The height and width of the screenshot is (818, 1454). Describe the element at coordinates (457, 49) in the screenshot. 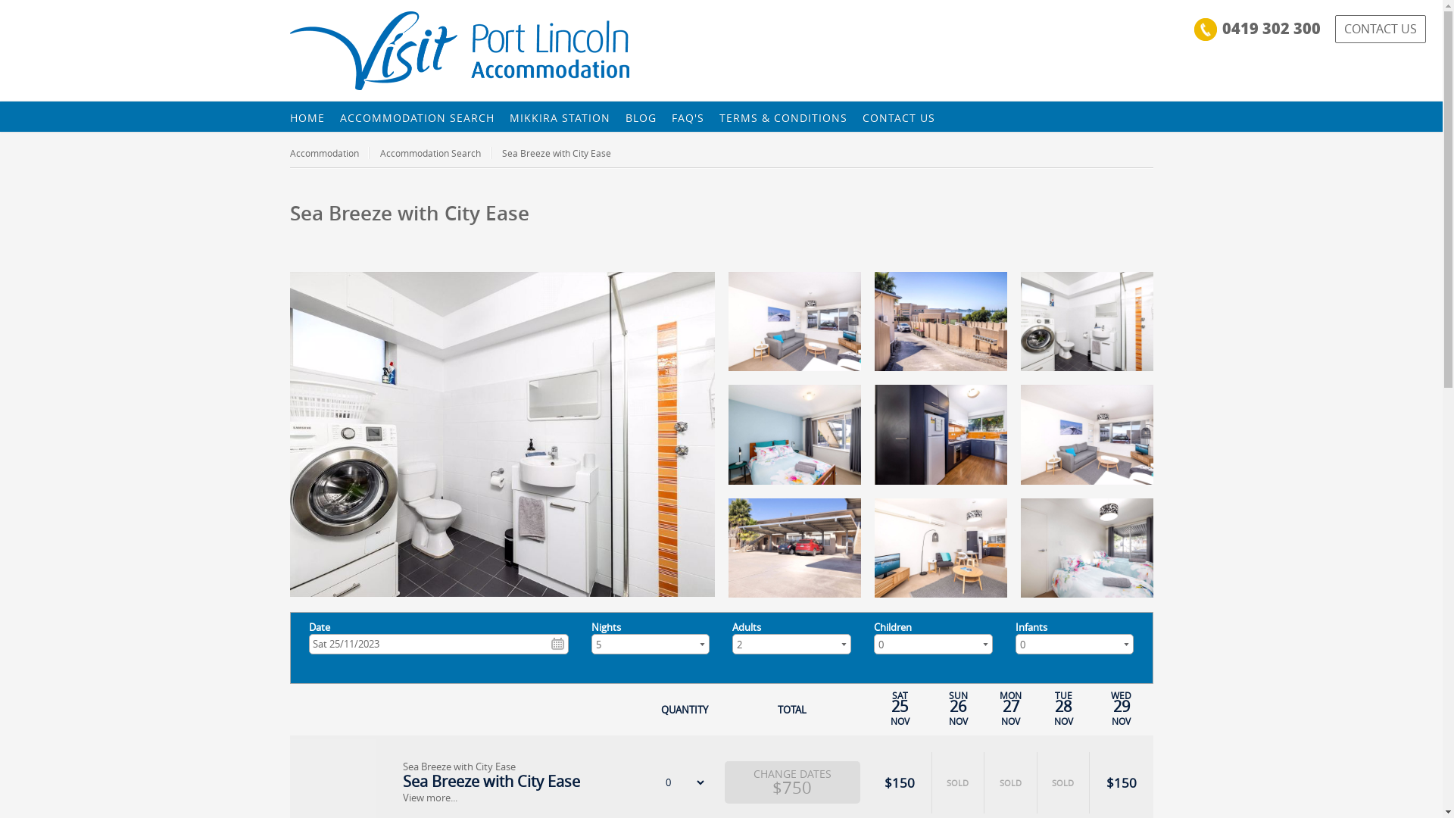

I see `'Visit Port Lincoln | Visit Port Lincoln   Apartments'` at that location.